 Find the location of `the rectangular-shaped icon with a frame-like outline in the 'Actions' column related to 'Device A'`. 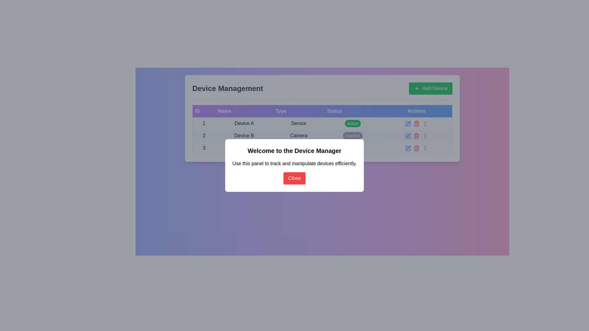

the rectangular-shaped icon with a frame-like outline in the 'Actions' column related to 'Device A' is located at coordinates (408, 123).